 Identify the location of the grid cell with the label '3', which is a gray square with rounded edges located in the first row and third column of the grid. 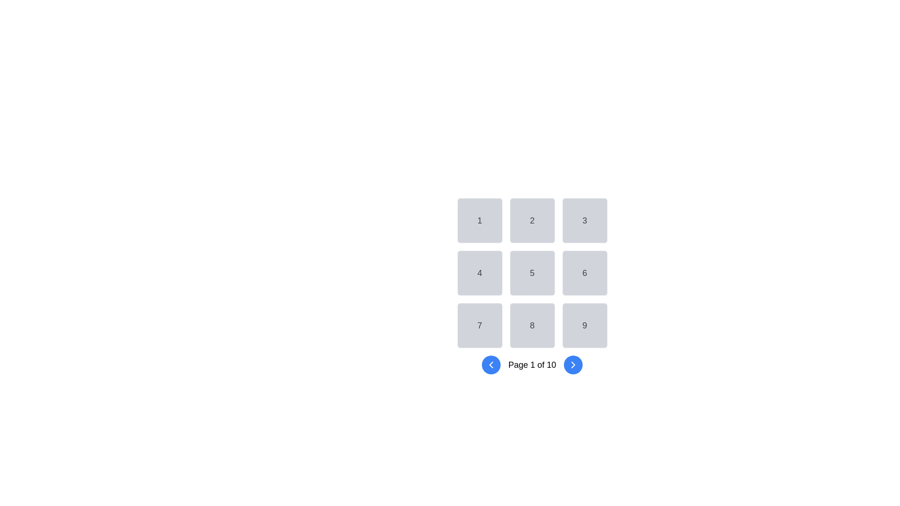
(584, 220).